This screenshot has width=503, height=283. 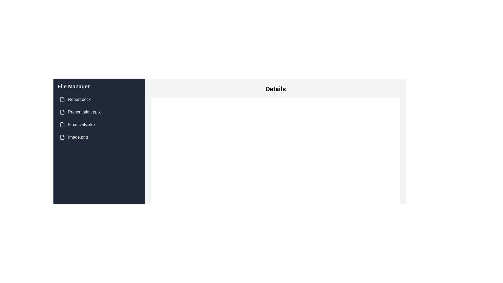 What do you see at coordinates (99, 137) in the screenshot?
I see `the selectable file entry for 'Image.png' located at the bottom of the file list` at bounding box center [99, 137].